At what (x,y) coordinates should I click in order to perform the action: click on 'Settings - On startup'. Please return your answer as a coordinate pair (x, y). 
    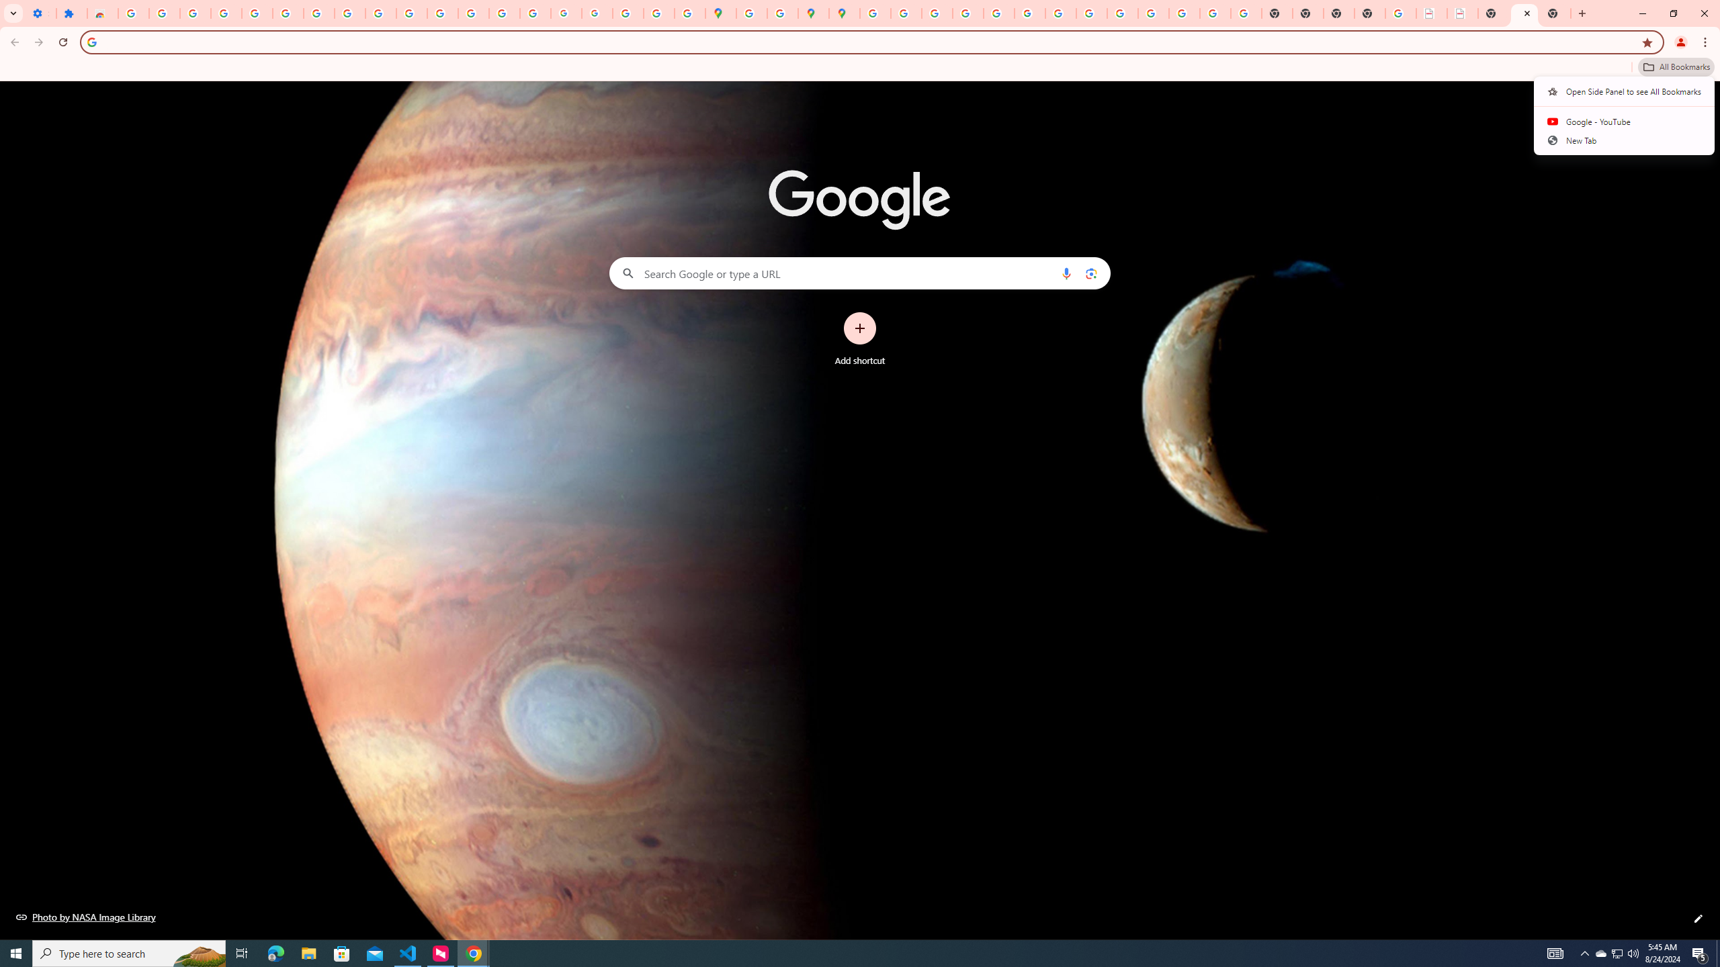
    Looking at the image, I should click on (40, 13).